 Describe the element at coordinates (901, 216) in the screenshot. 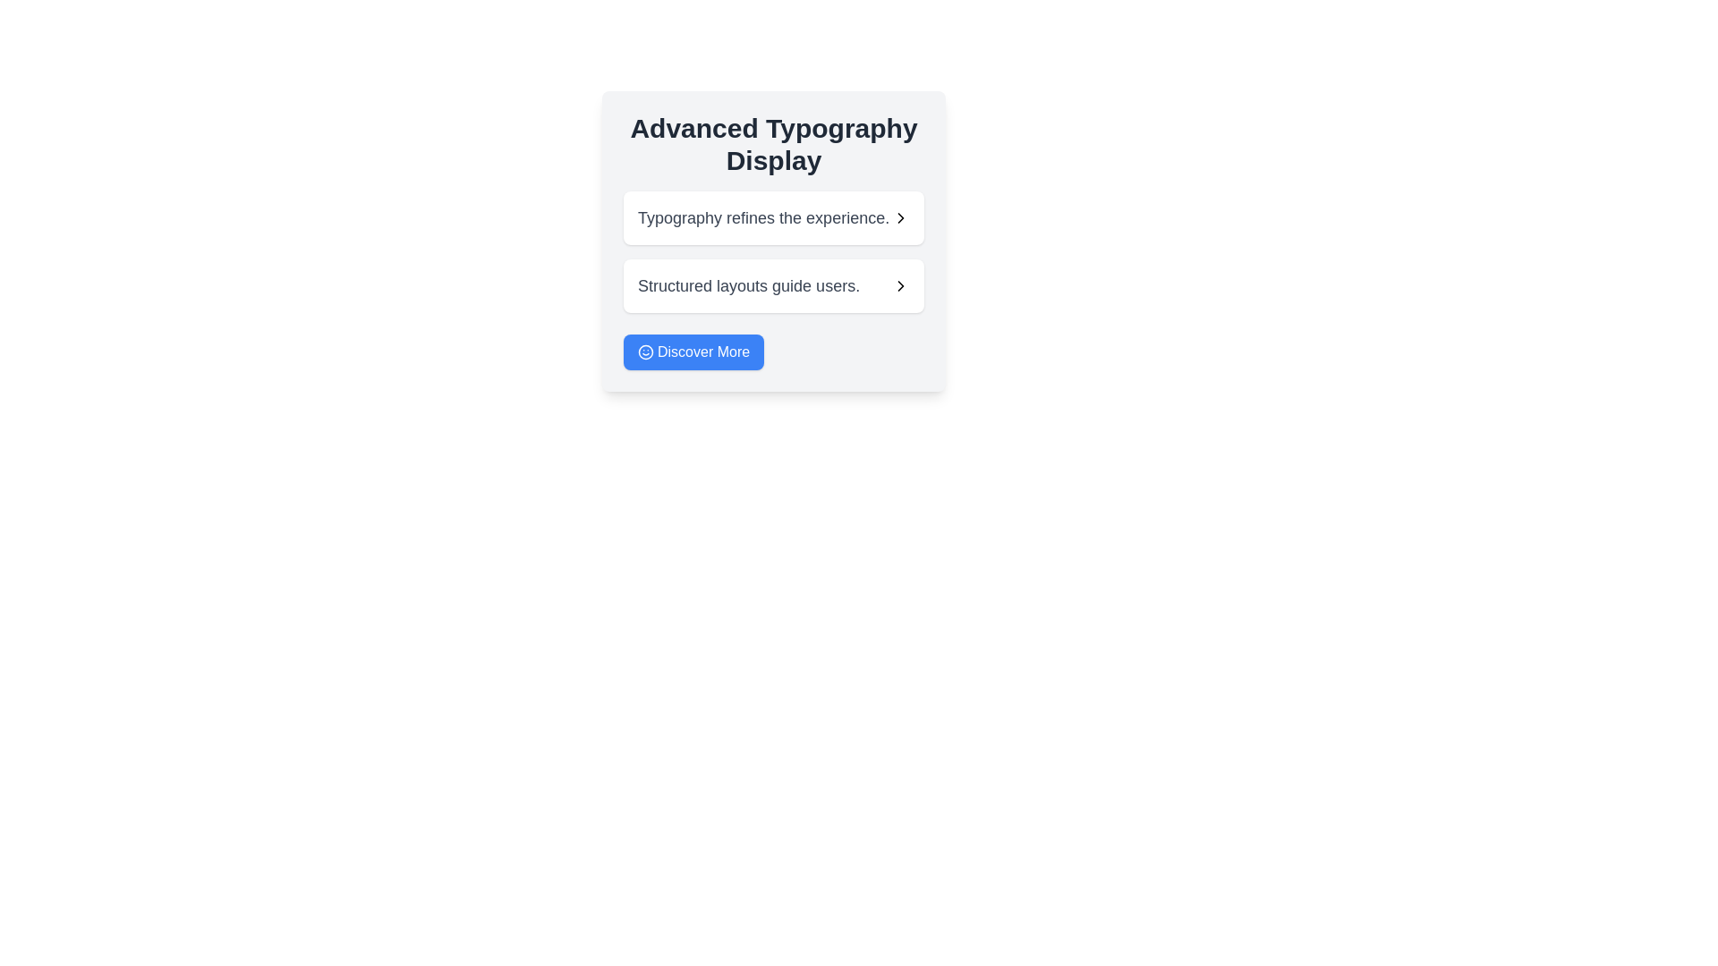

I see `the rightward arrow icon located immediately to the right of the text 'Typography refines the experience.'` at that location.